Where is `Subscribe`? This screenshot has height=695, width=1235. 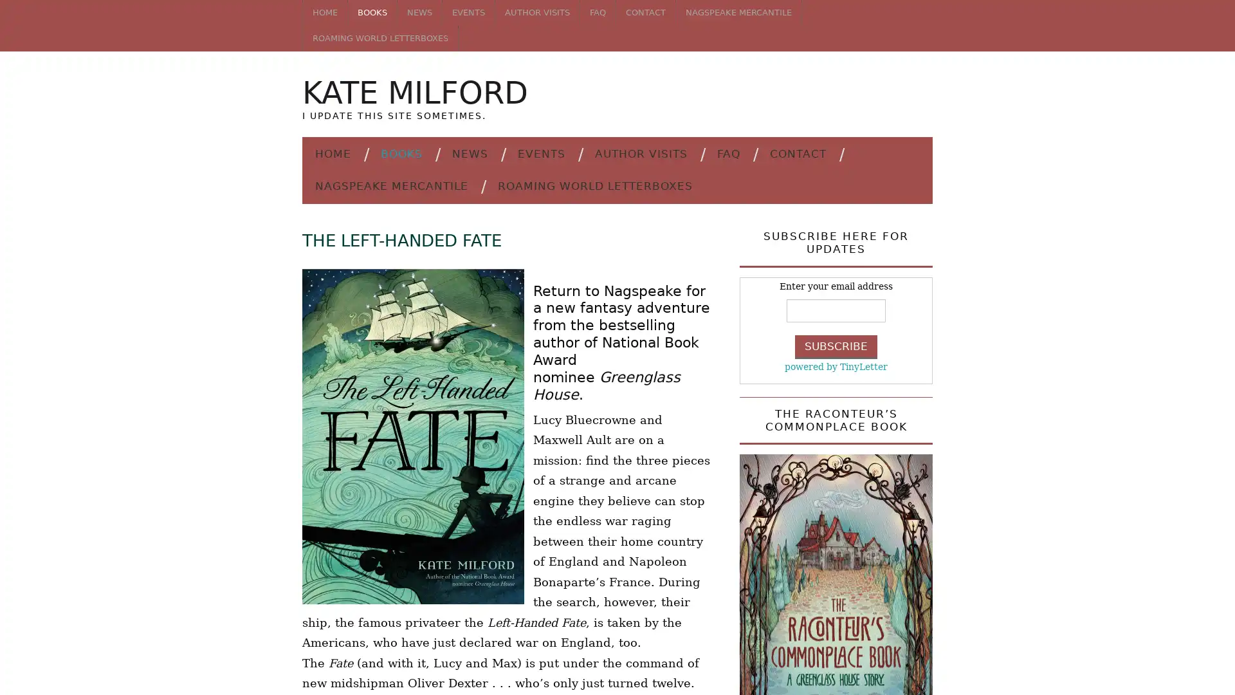
Subscribe is located at coordinates (836, 346).